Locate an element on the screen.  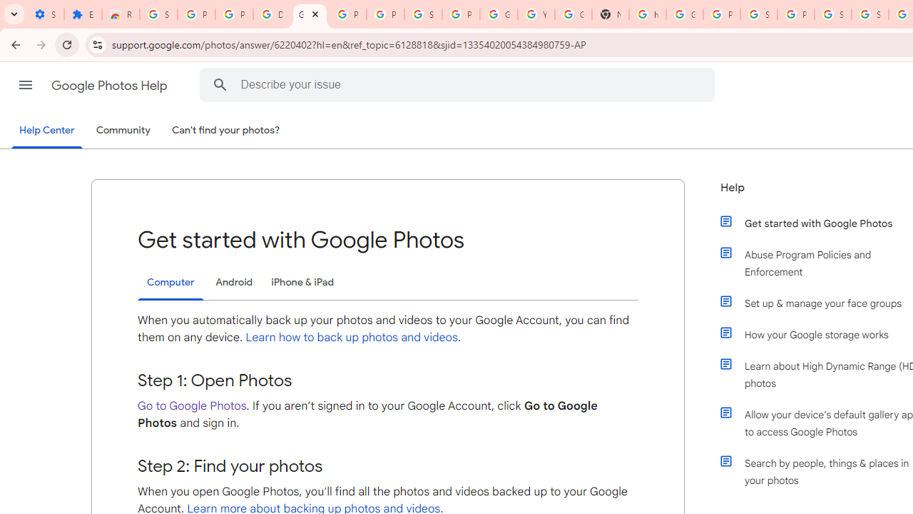
'Describe your issue' is located at coordinates (460, 84).